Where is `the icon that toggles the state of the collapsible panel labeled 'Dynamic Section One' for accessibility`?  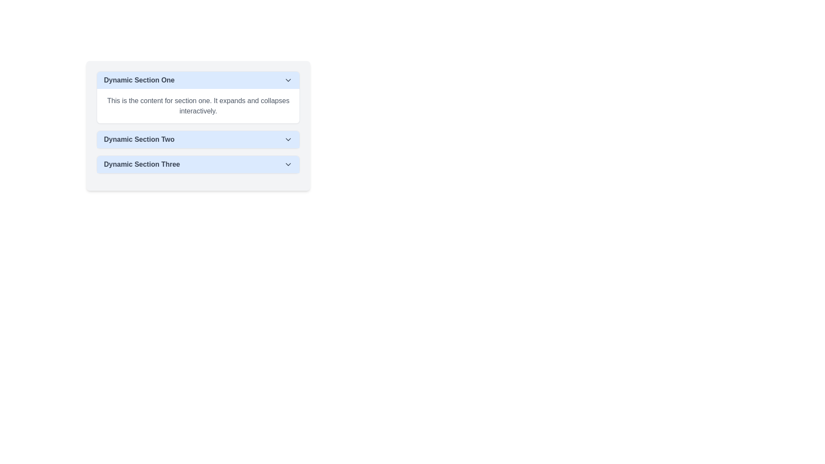 the icon that toggles the state of the collapsible panel labeled 'Dynamic Section One' for accessibility is located at coordinates (288, 80).